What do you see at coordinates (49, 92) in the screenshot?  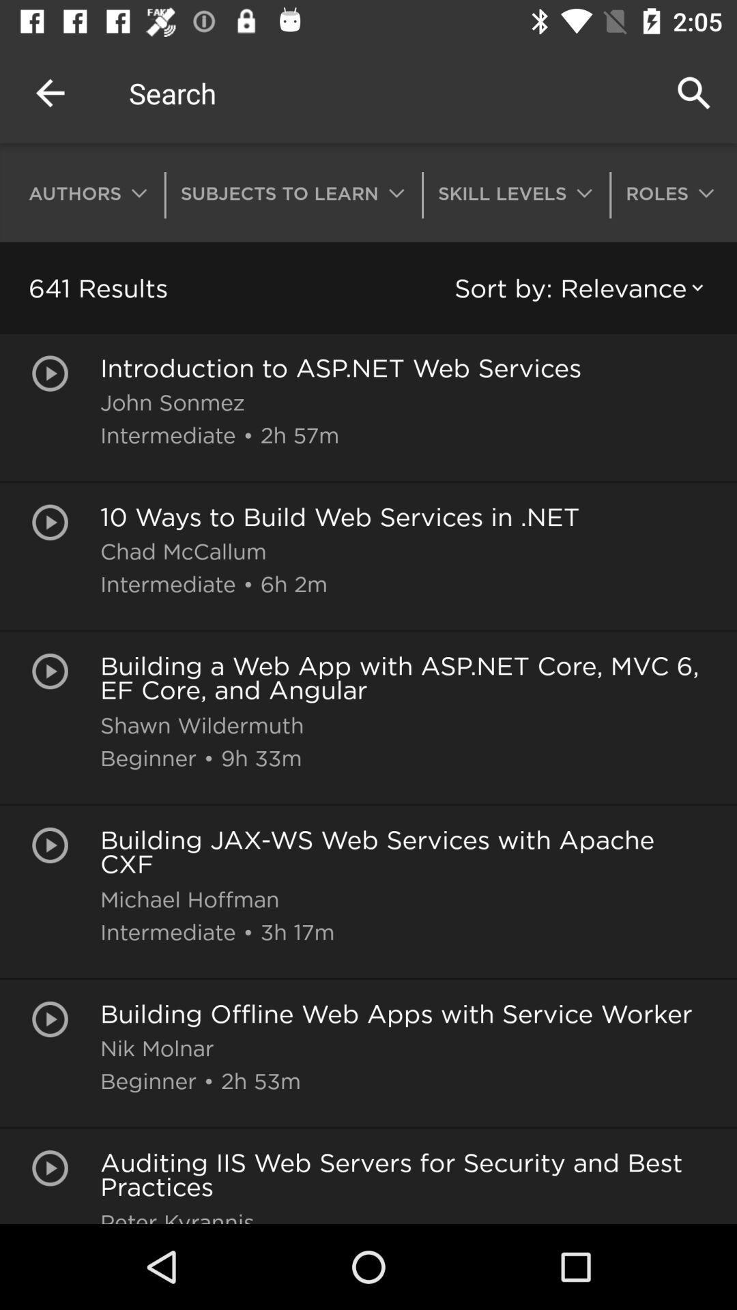 I see `item to the left of search app` at bounding box center [49, 92].